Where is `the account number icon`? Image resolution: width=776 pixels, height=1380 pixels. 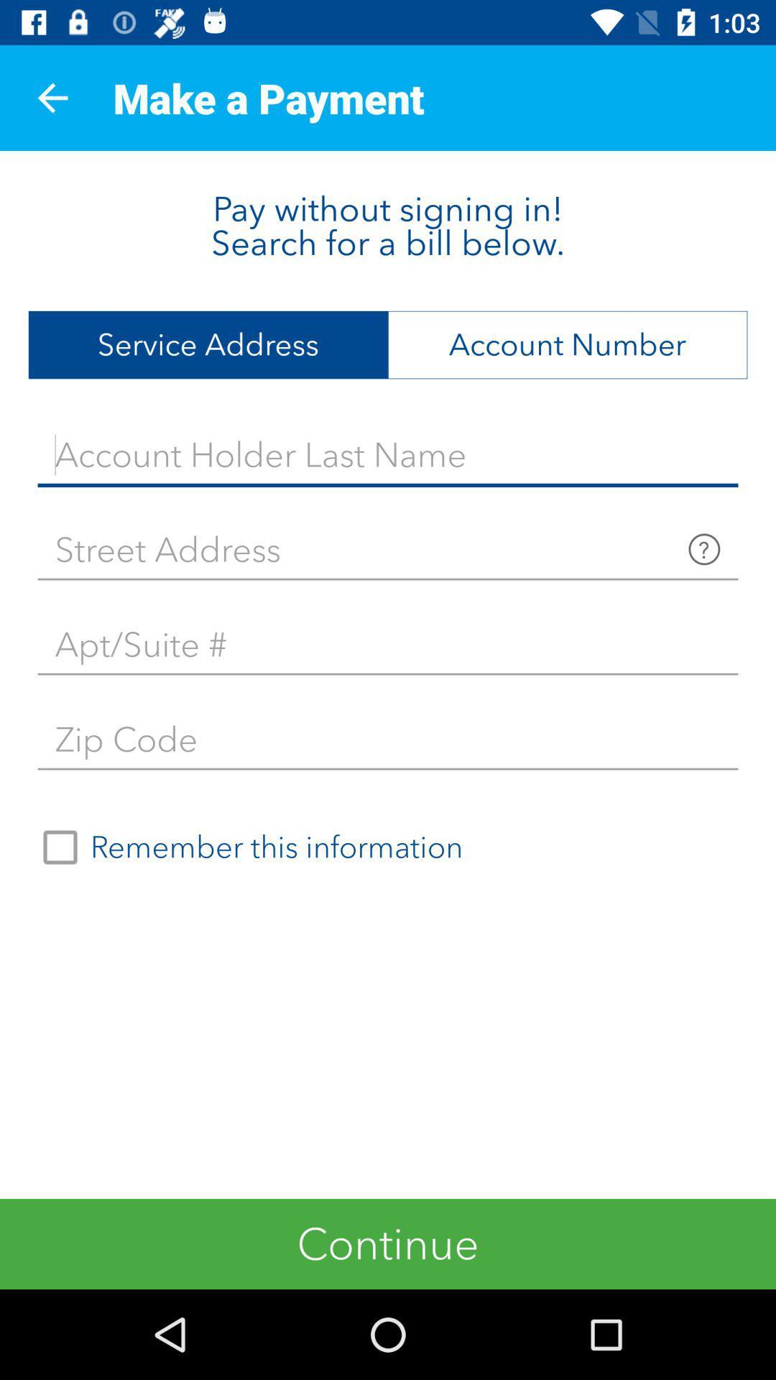
the account number icon is located at coordinates (567, 345).